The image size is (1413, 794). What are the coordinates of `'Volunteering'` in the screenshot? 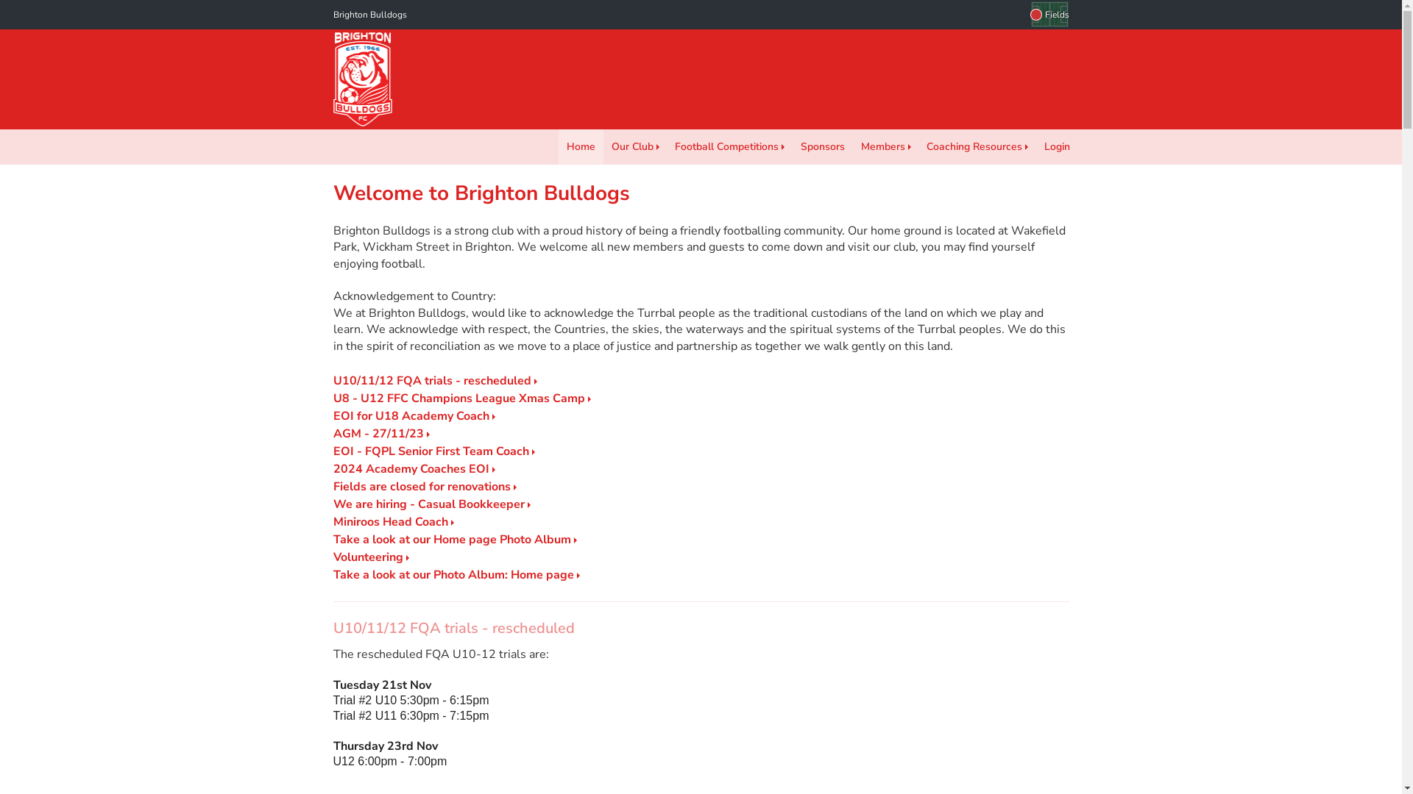 It's located at (370, 557).